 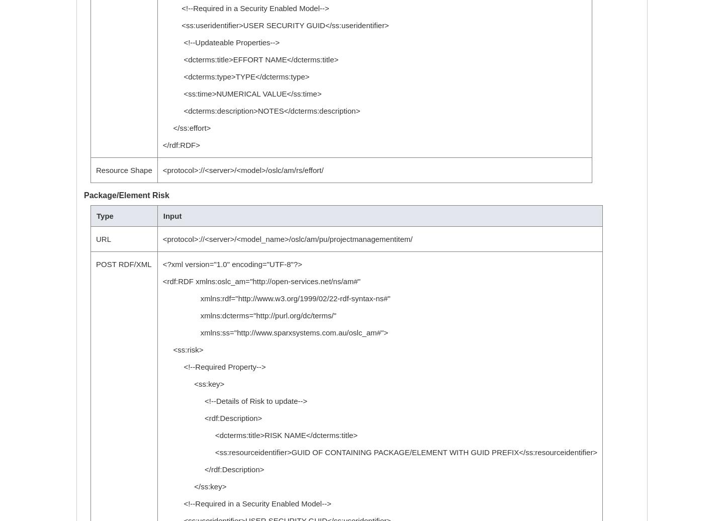 I want to click on 'xmlns:rdf="http://www.w3.org/1999/02/22-rdf-syntax-ns#"', so click(x=276, y=298).